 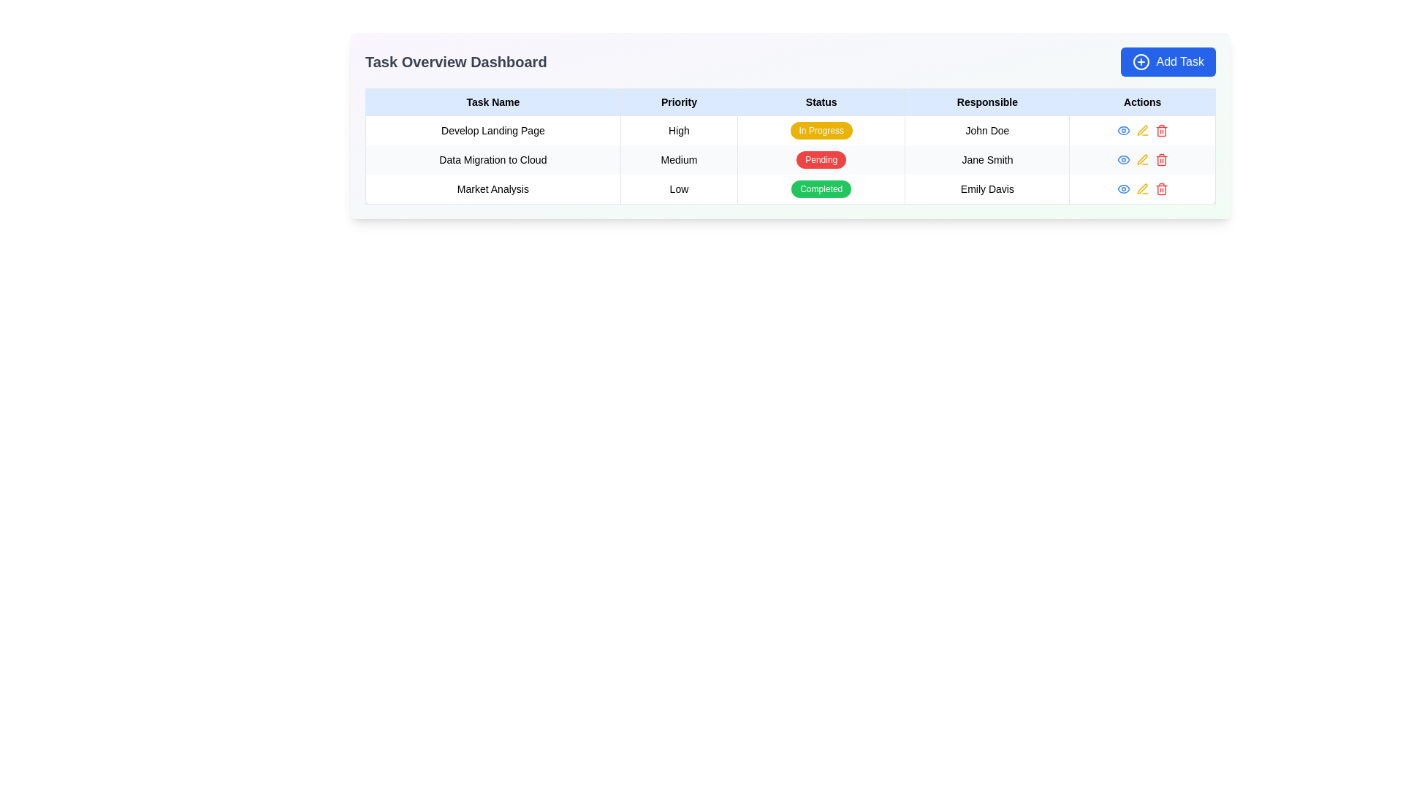 What do you see at coordinates (1160, 129) in the screenshot?
I see `the delete button, which is the third action icon in the action list of the third task row` at bounding box center [1160, 129].